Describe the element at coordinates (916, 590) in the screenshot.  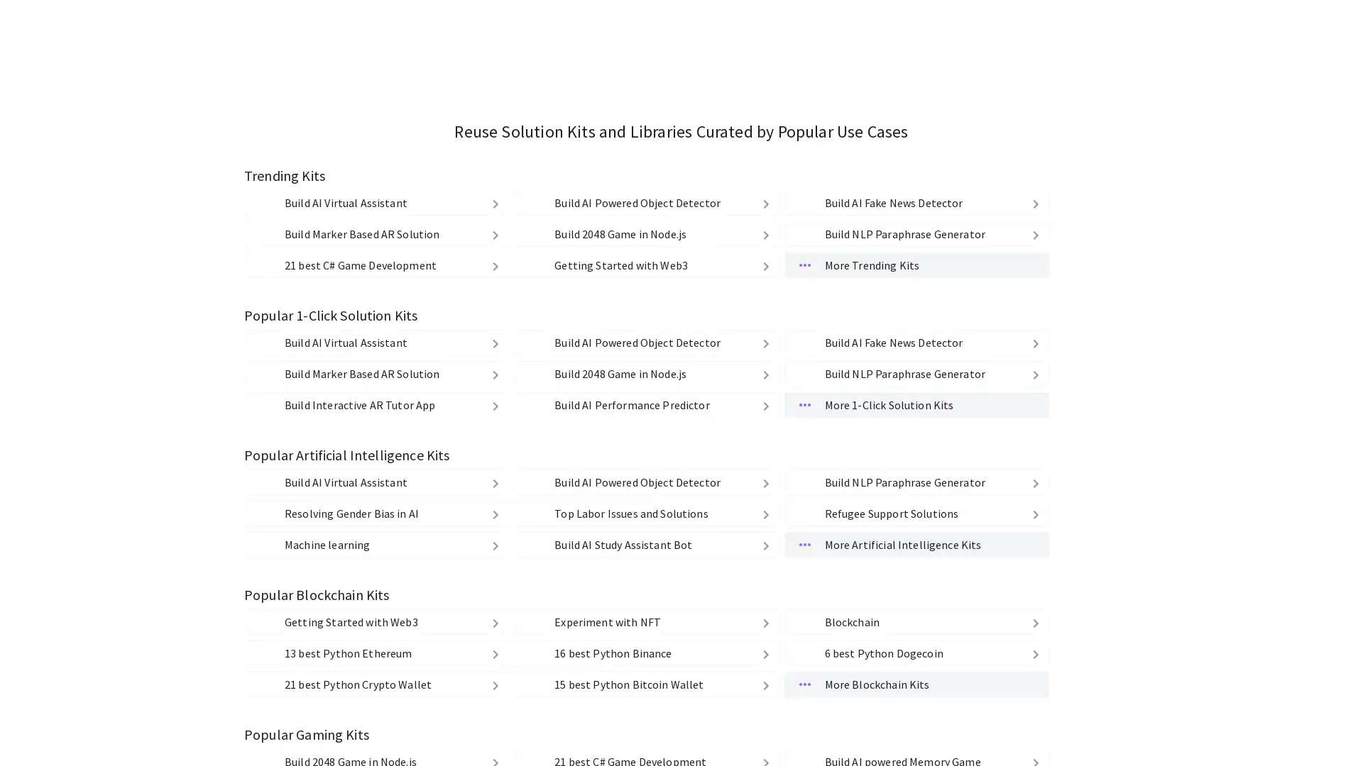
I see `paraphrase-generator1 Build NLP Paraphrase Generator` at that location.